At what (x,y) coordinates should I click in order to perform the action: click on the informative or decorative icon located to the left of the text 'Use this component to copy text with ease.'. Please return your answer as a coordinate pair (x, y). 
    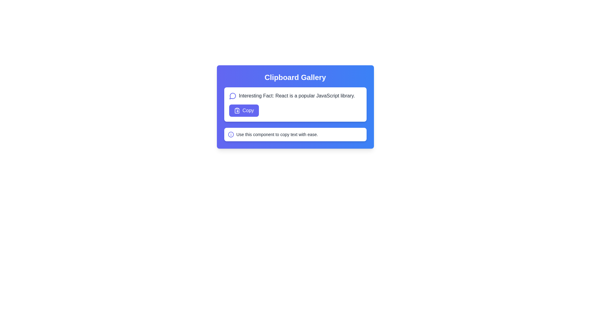
    Looking at the image, I should click on (230, 134).